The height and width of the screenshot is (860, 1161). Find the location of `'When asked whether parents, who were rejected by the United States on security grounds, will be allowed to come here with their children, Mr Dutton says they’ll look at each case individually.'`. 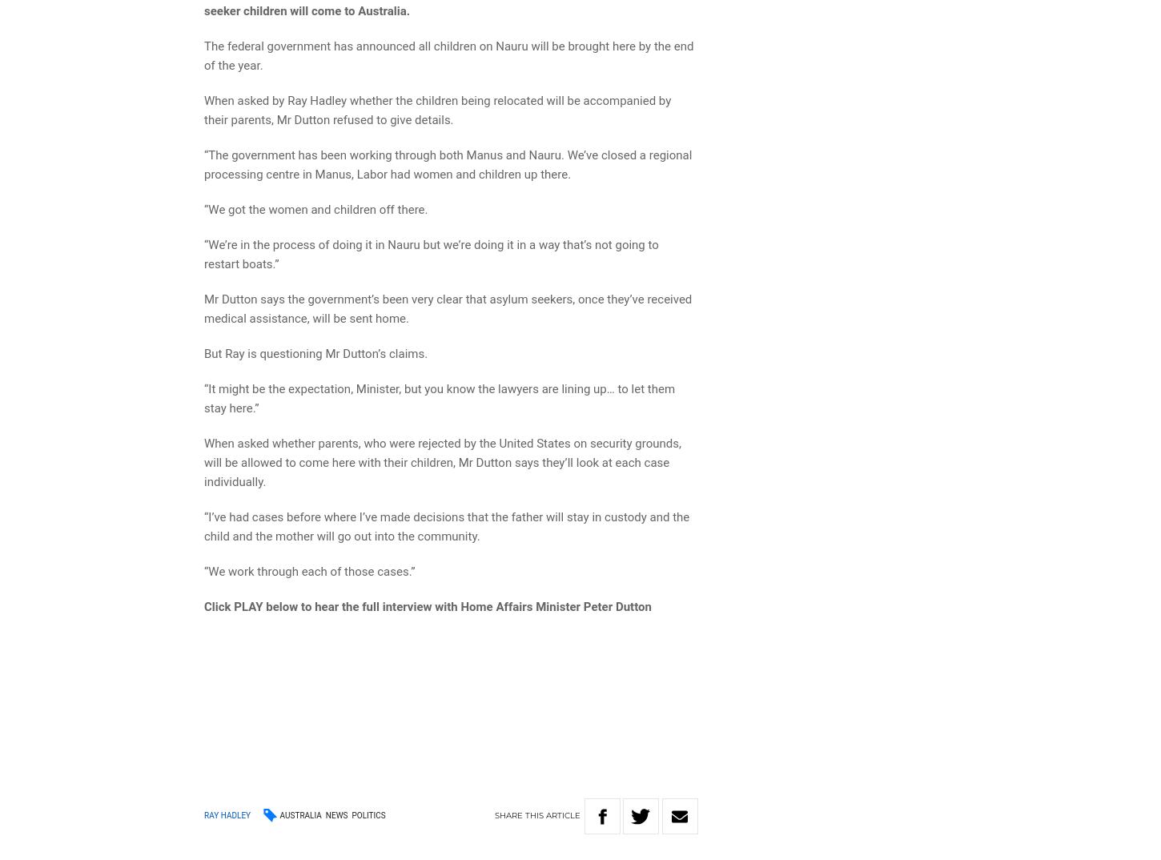

'When asked whether parents, who were rejected by the United States on security grounds, will be allowed to come here with their children, Mr Dutton says they’ll look at each case individually.' is located at coordinates (442, 460).